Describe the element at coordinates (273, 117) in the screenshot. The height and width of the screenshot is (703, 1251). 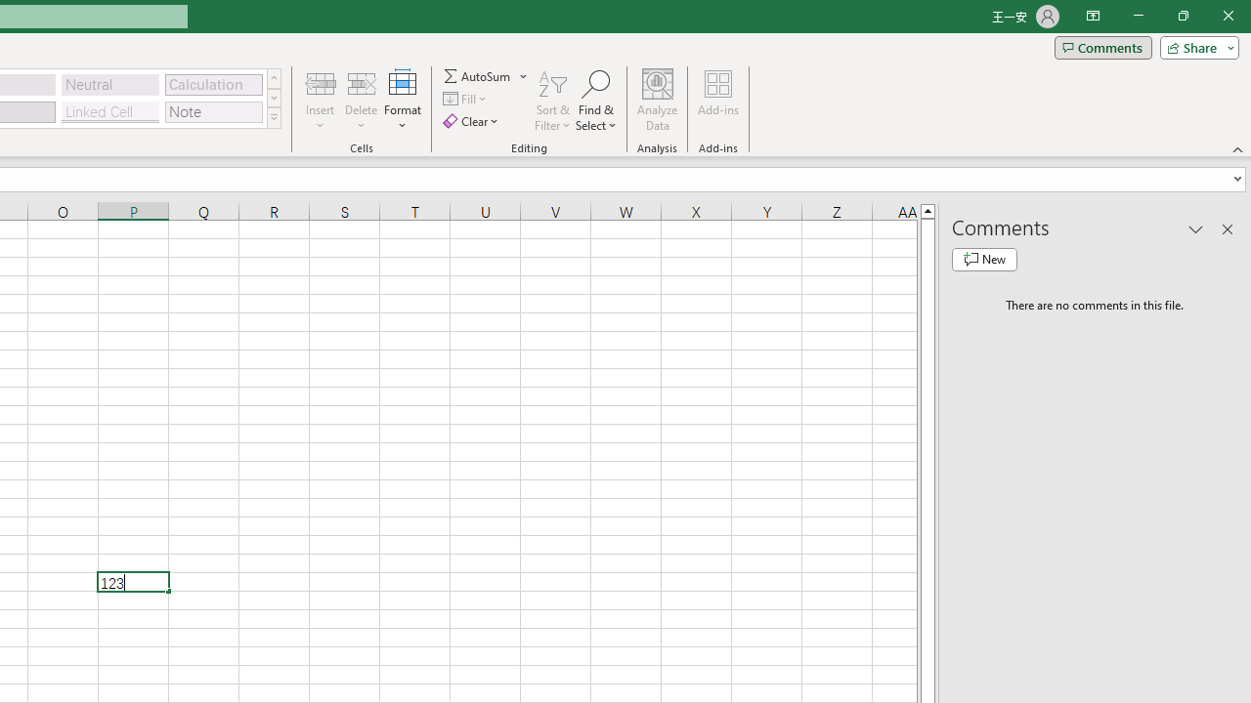
I see `'Class: NetUIImage'` at that location.